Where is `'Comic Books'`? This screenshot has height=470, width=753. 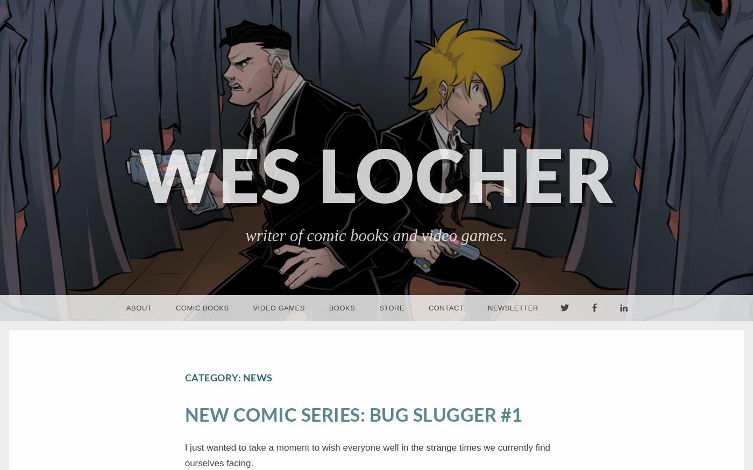 'Comic Books' is located at coordinates (202, 308).